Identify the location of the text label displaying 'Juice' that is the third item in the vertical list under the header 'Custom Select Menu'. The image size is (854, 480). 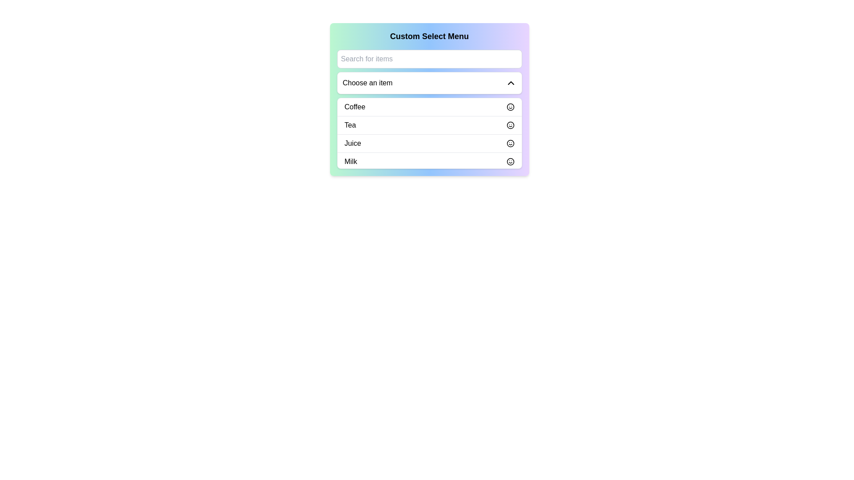
(352, 143).